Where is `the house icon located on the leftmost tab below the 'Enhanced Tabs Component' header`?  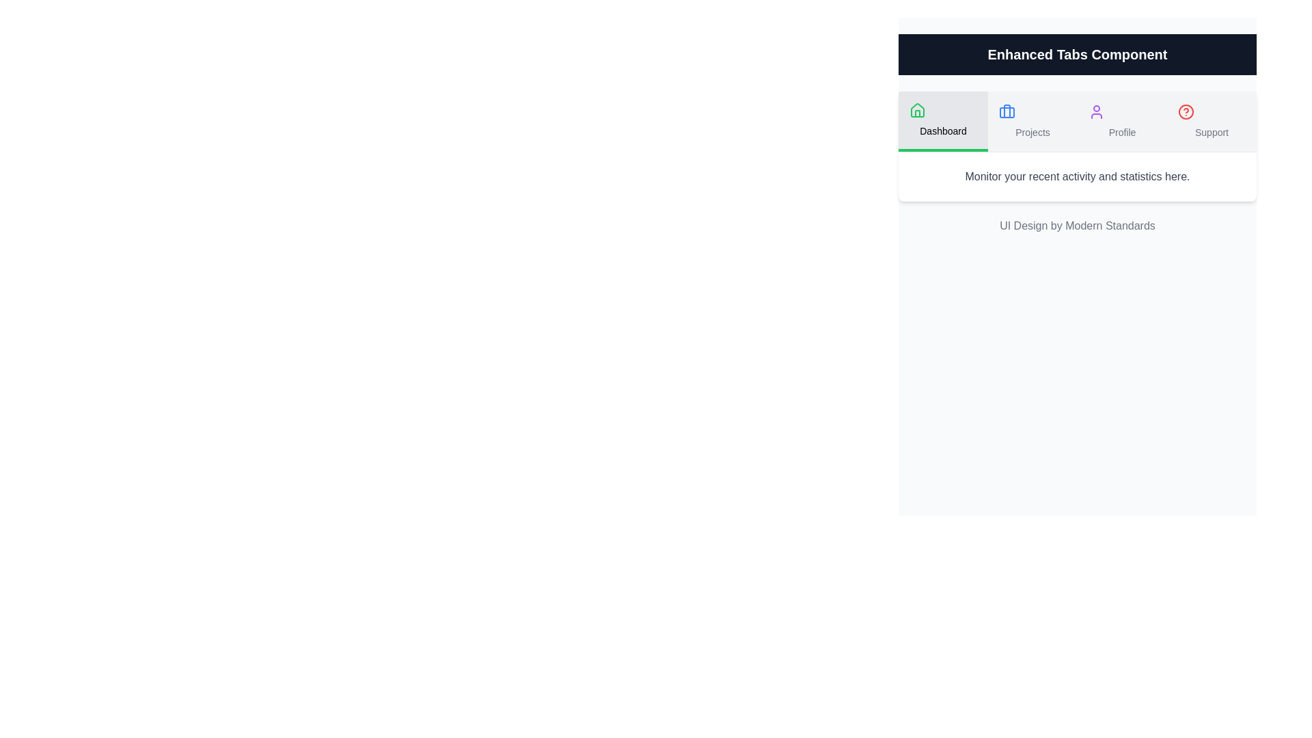 the house icon located on the leftmost tab below the 'Enhanced Tabs Component' header is located at coordinates (918, 109).